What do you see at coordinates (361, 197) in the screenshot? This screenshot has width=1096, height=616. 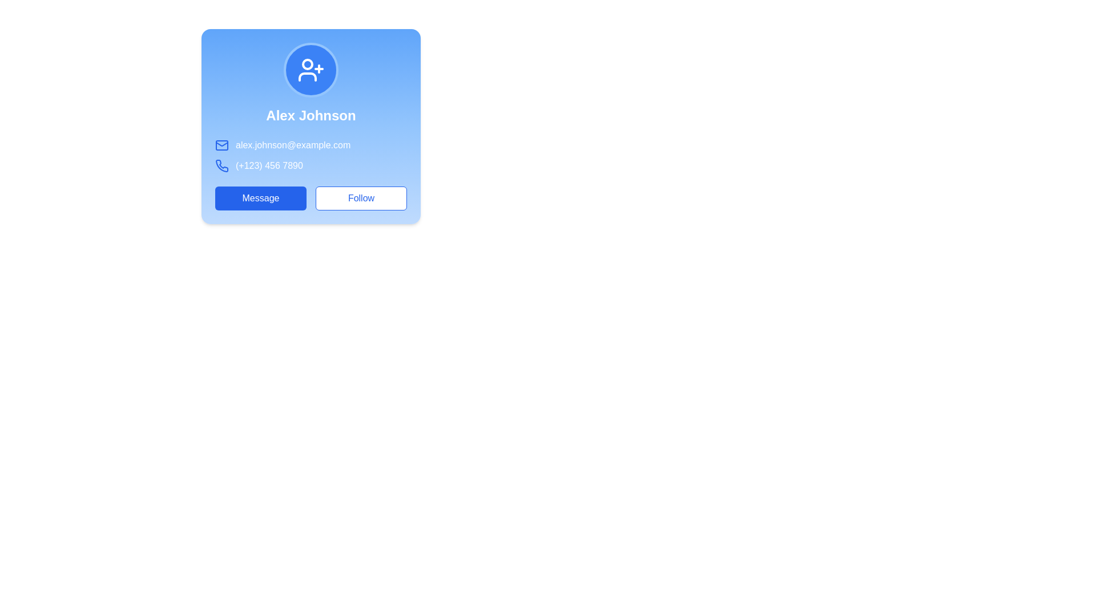 I see `the 'Follow' button located to the right of the 'Message' button at the bottom-right of the user profile card to follow the user` at bounding box center [361, 197].